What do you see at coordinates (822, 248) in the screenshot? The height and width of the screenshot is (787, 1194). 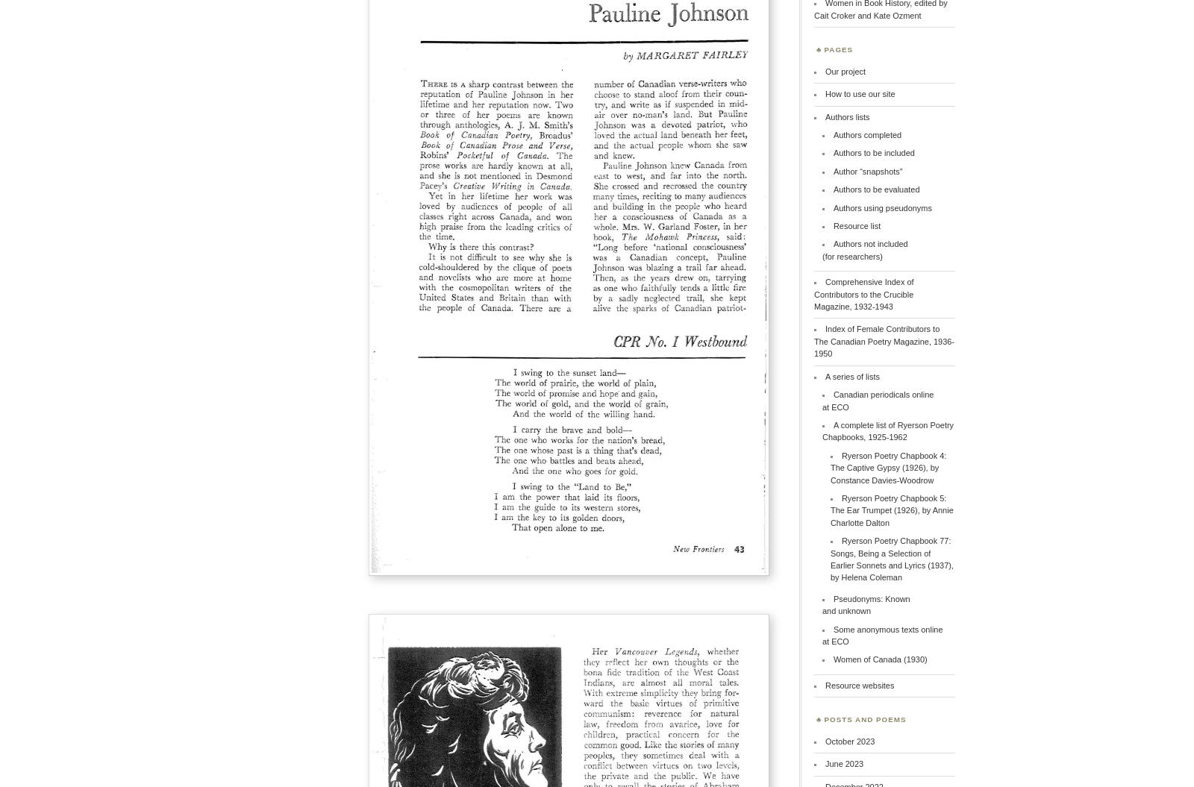 I see `'Authors not included (for researchers)'` at bounding box center [822, 248].